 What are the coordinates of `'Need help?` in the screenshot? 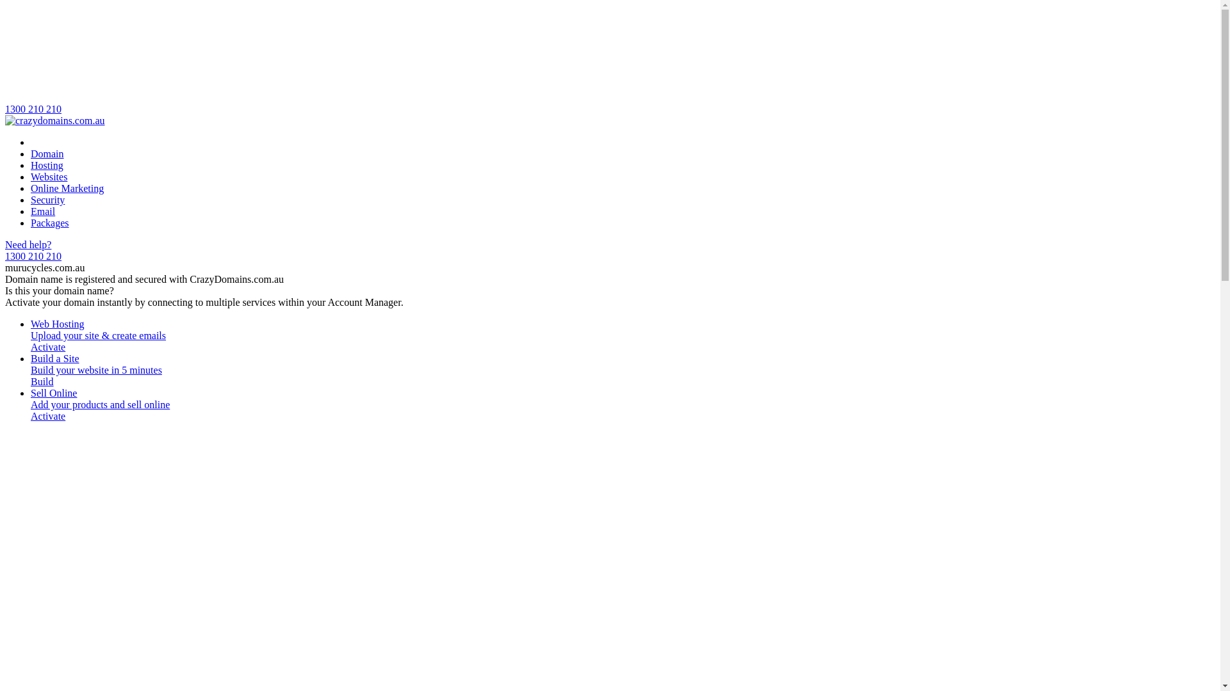 It's located at (609, 251).